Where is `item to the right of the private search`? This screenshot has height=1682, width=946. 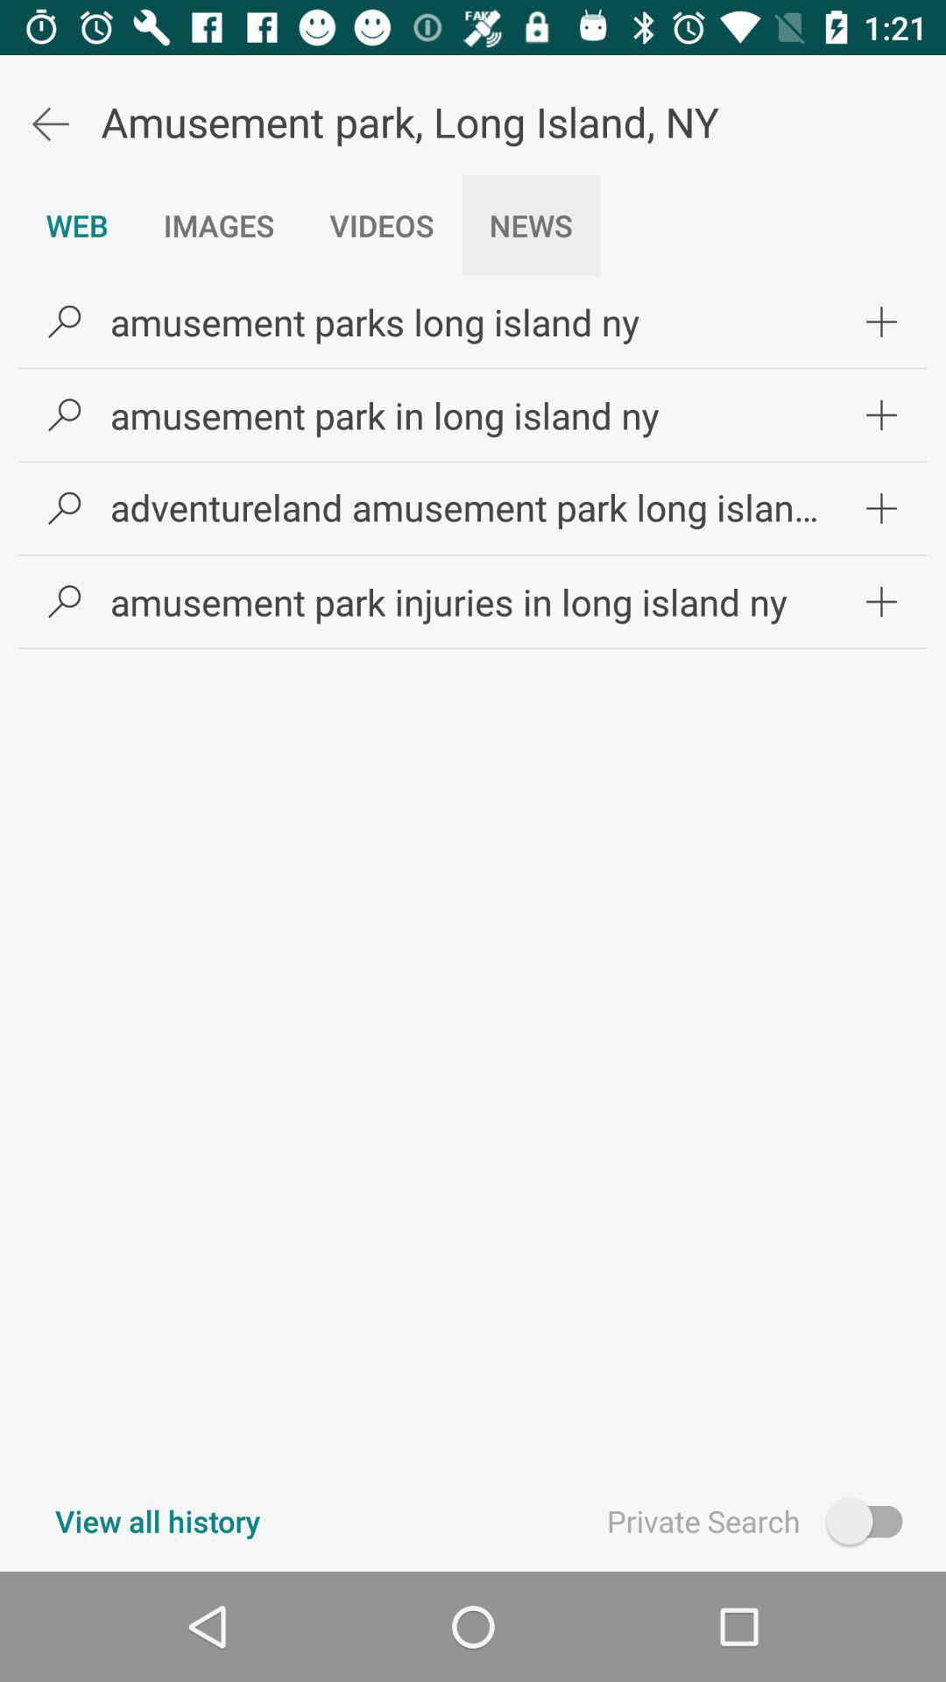 item to the right of the private search is located at coordinates (872, 1520).